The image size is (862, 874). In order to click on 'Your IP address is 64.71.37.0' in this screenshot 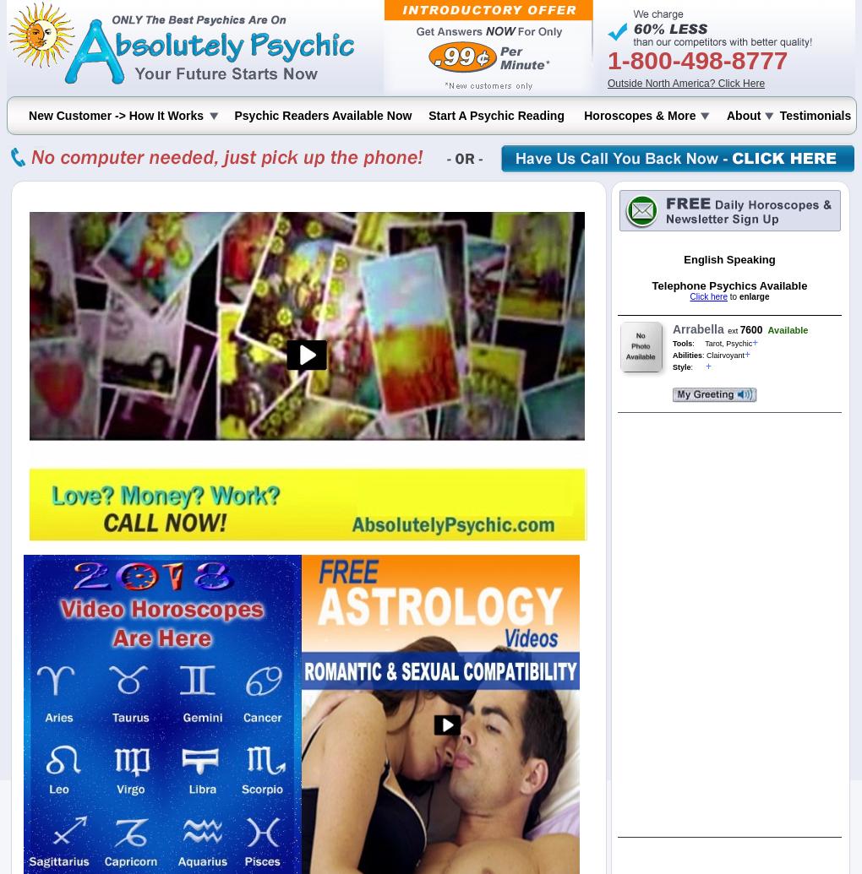, I will do `click(168, 35)`.